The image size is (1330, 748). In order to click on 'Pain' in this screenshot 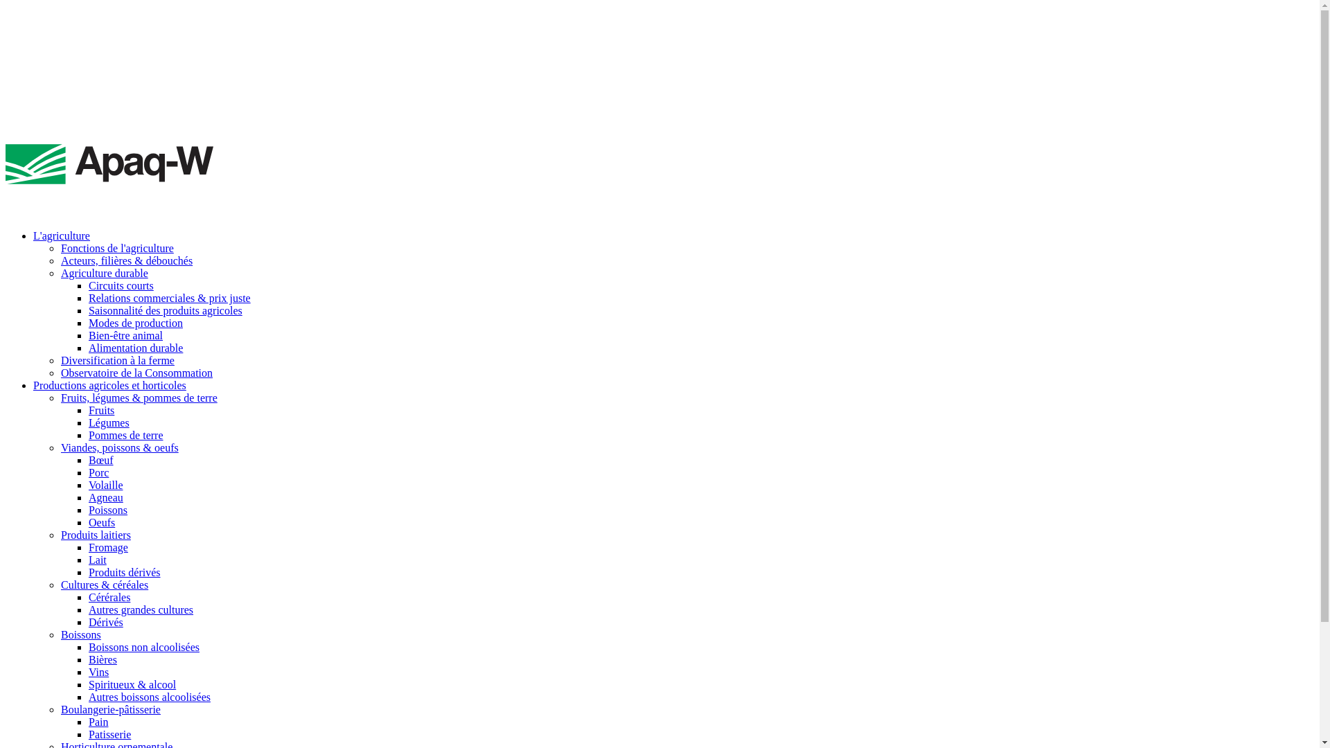, I will do `click(98, 721)`.